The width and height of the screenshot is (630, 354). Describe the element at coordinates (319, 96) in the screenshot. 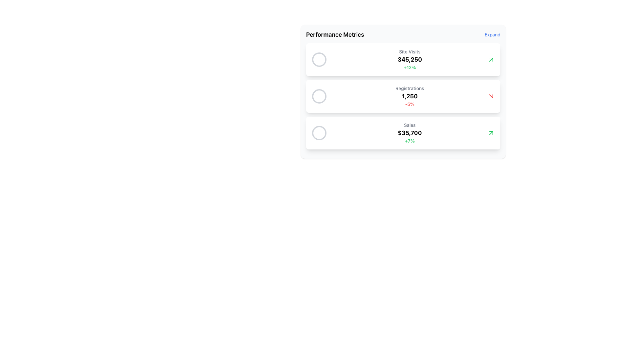

I see `the small circular SVG element in muted gray color within the 'Registrations' metrics row` at that location.